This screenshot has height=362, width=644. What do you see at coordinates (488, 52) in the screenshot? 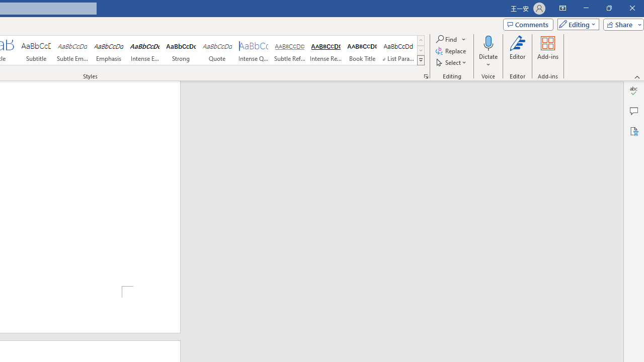
I see `'Dictate'` at bounding box center [488, 52].